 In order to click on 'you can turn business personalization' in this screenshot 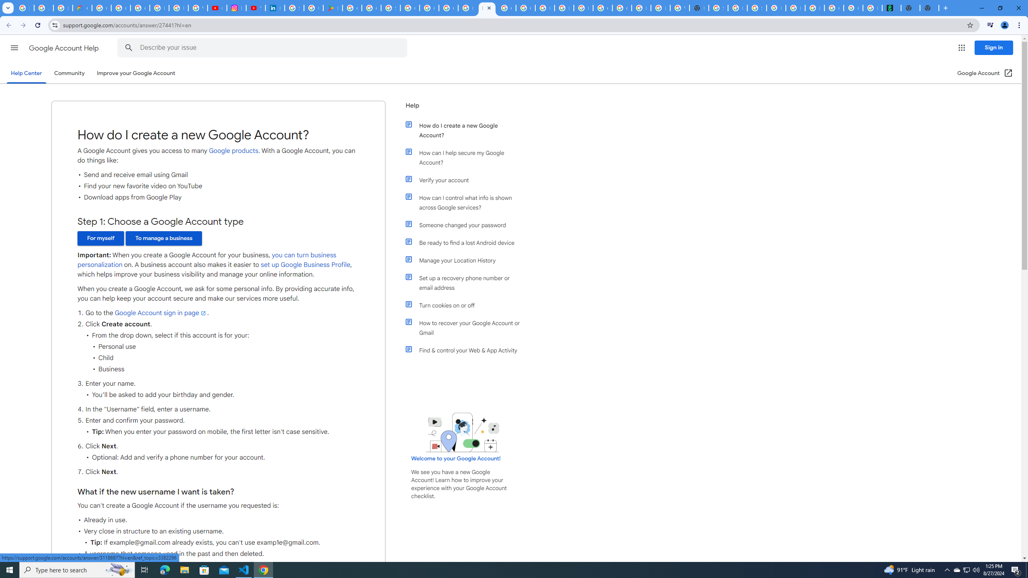, I will do `click(206, 260)`.